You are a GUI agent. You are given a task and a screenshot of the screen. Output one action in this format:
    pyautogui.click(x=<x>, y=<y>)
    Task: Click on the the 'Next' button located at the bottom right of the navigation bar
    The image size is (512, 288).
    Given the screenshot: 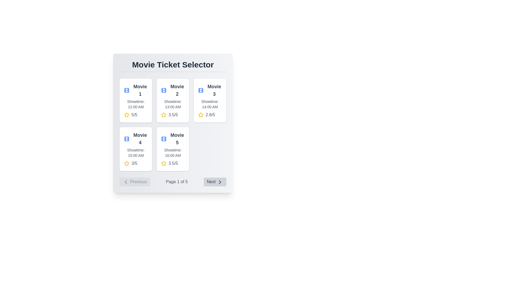 What is the action you would take?
    pyautogui.click(x=215, y=182)
    